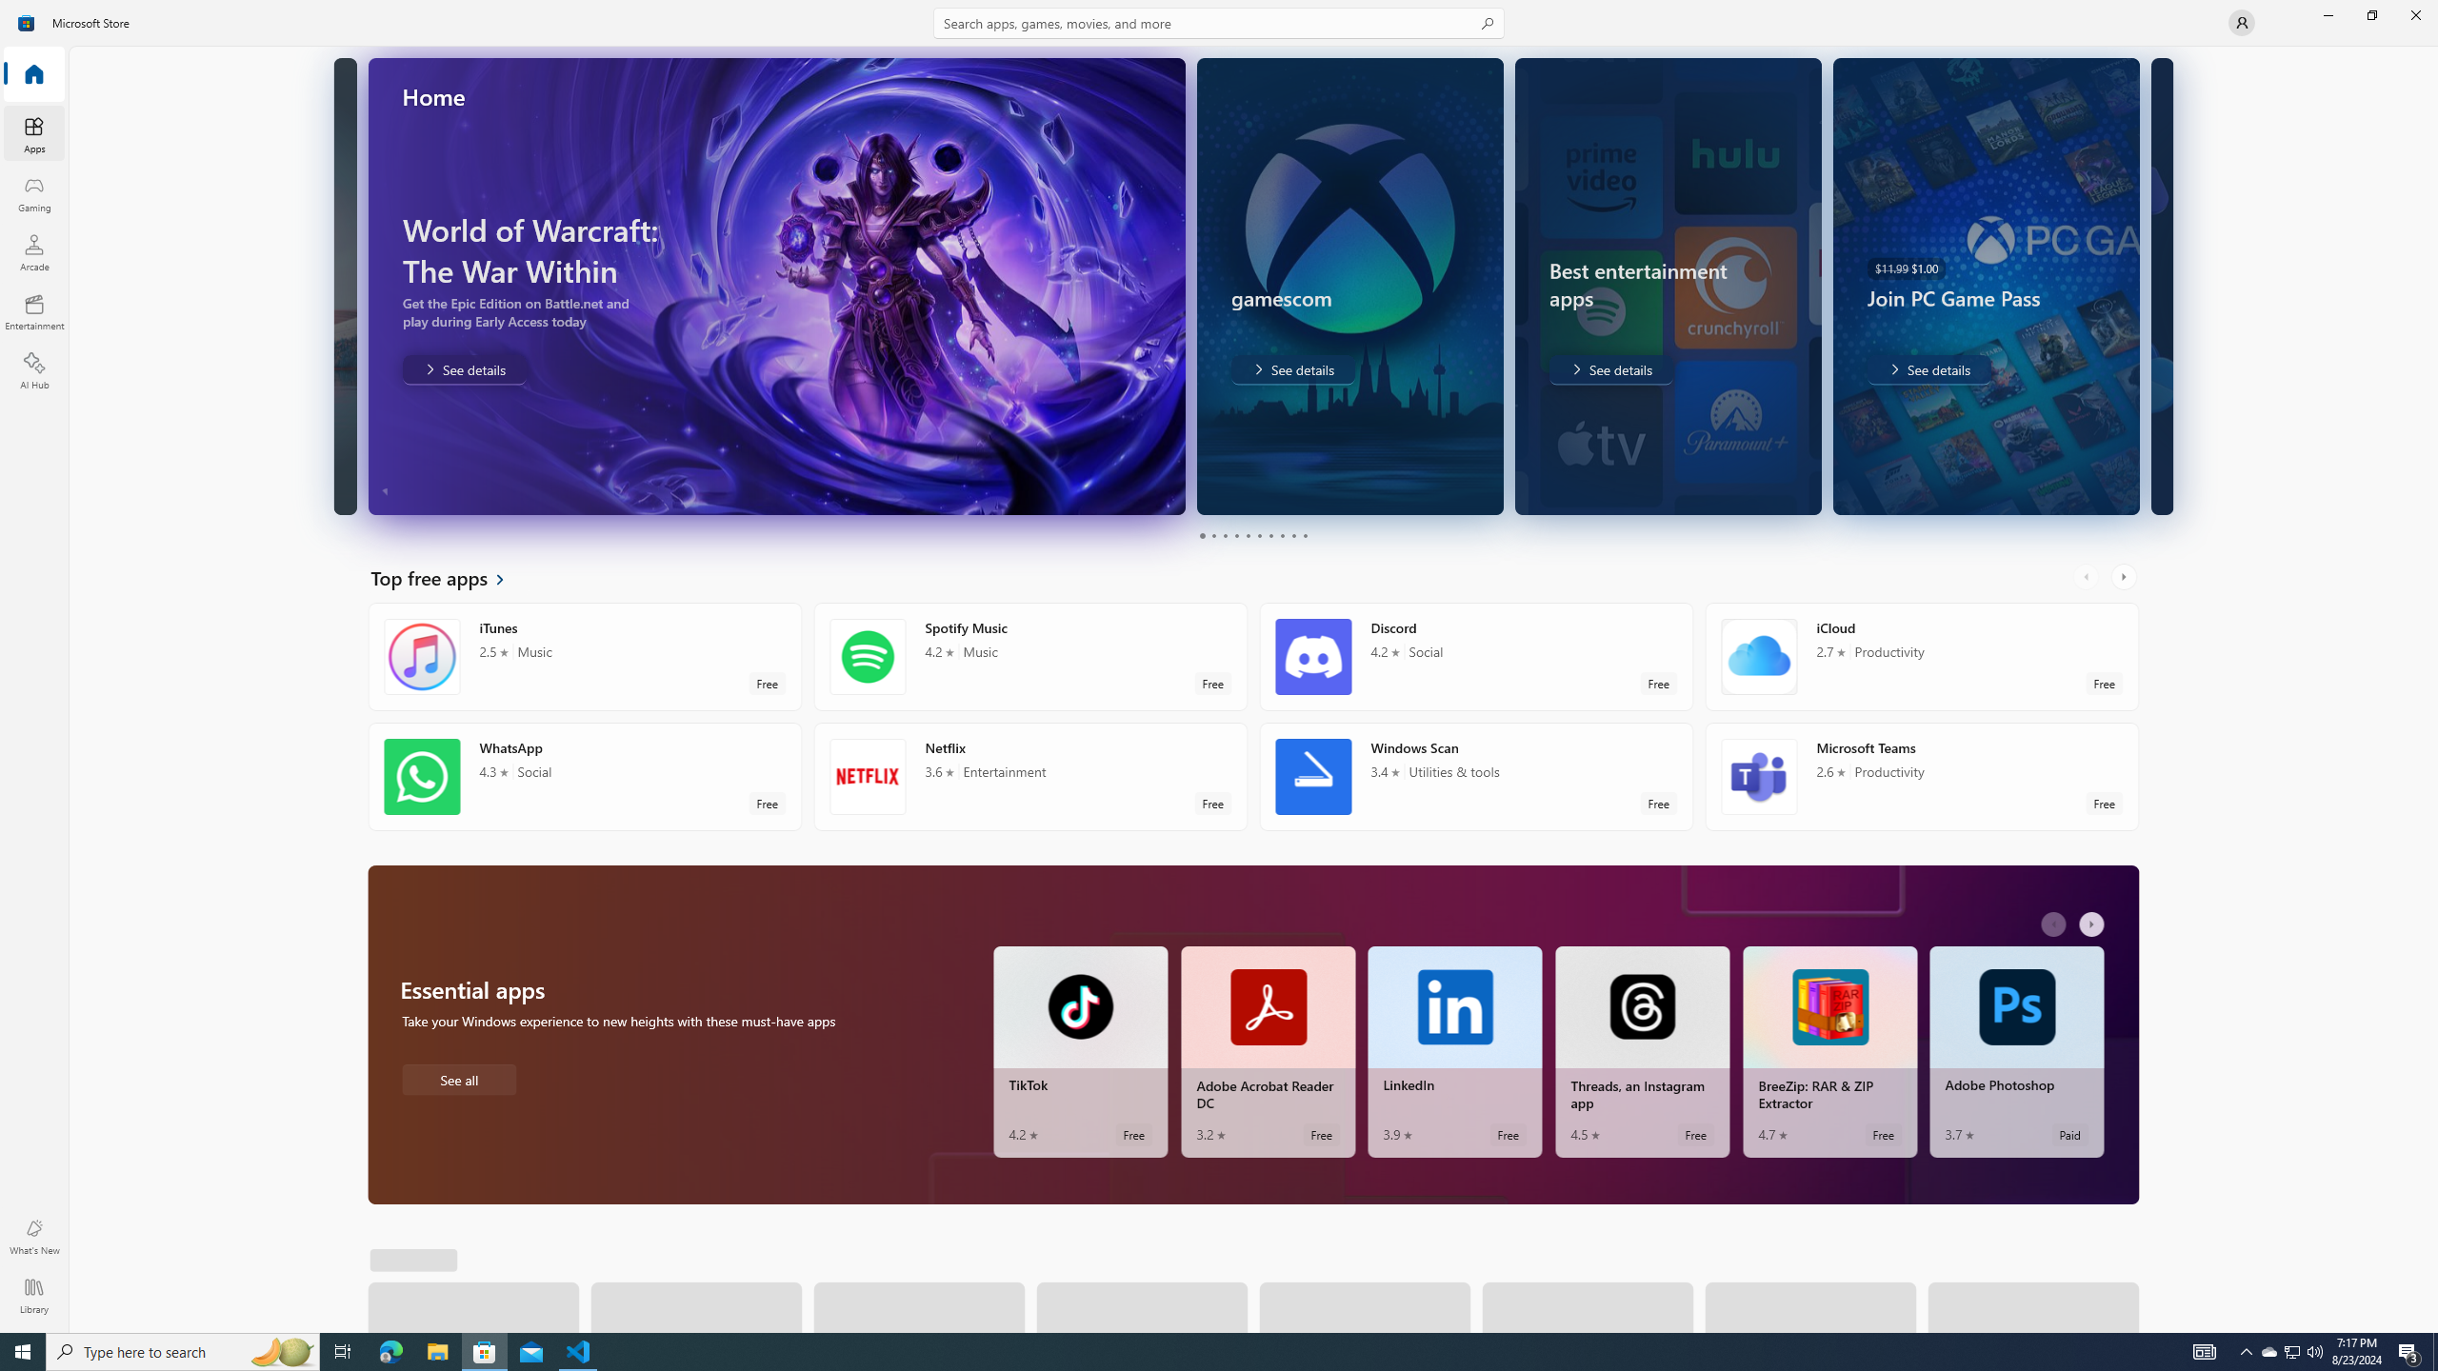  I want to click on 'Library', so click(32, 1295).